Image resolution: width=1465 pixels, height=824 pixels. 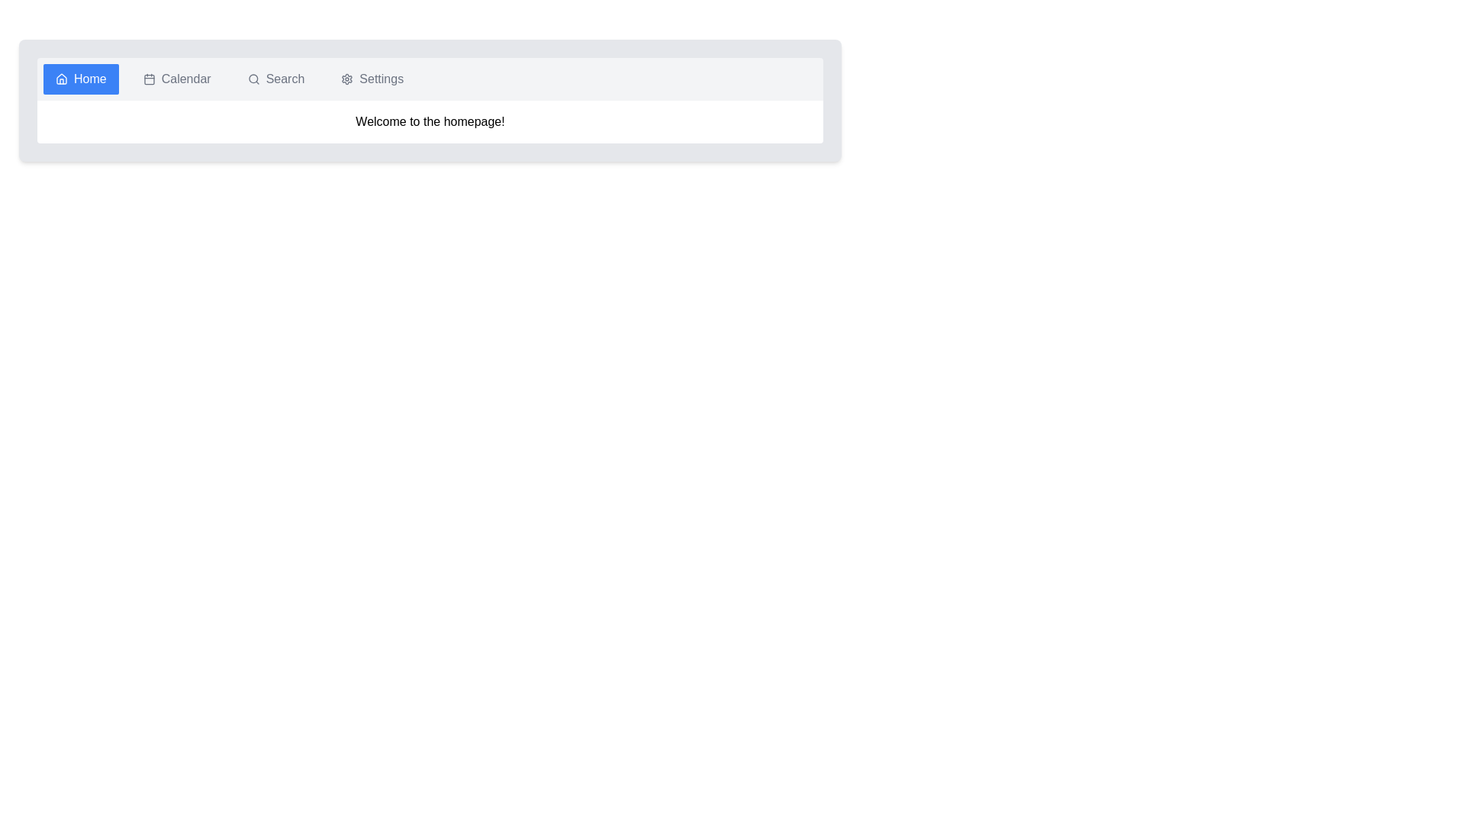 I want to click on the second button in the horizontal navigation menu located in the top toolbar, so click(x=177, y=79).